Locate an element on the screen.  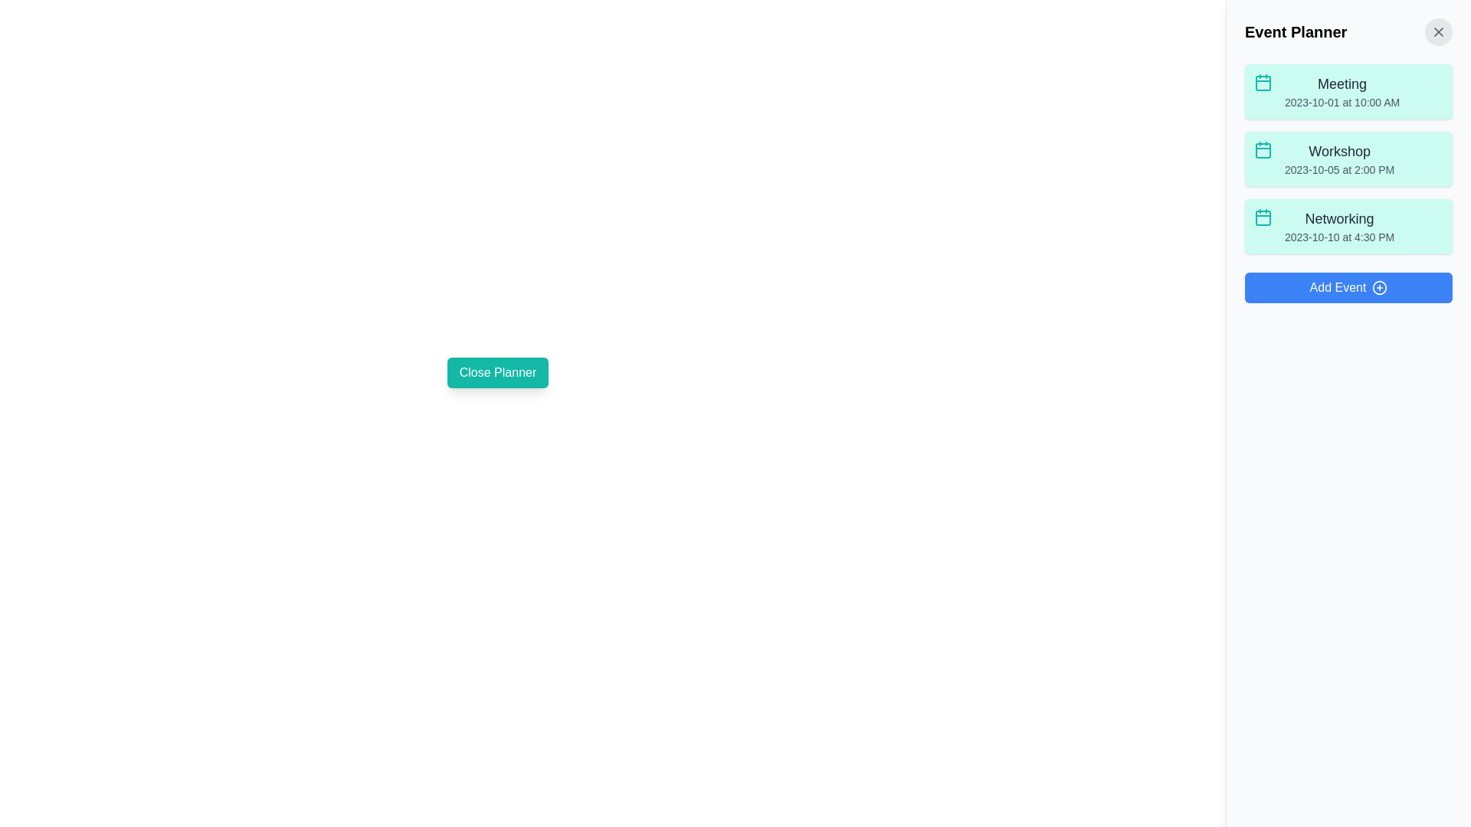
the 'Close Planner' button, which has a teal background and white text is located at coordinates (497, 372).